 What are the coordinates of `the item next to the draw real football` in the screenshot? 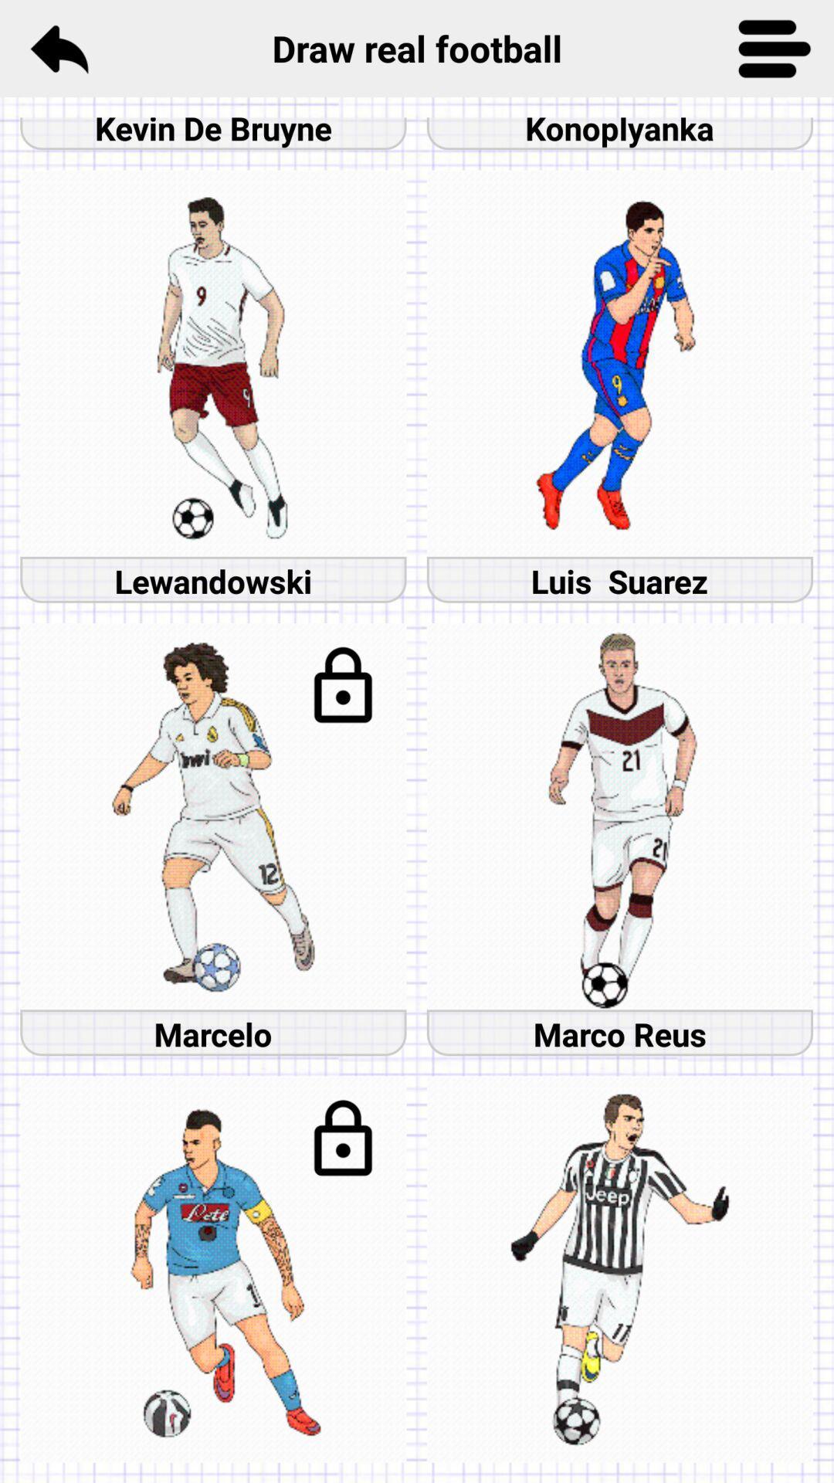 It's located at (775, 48).